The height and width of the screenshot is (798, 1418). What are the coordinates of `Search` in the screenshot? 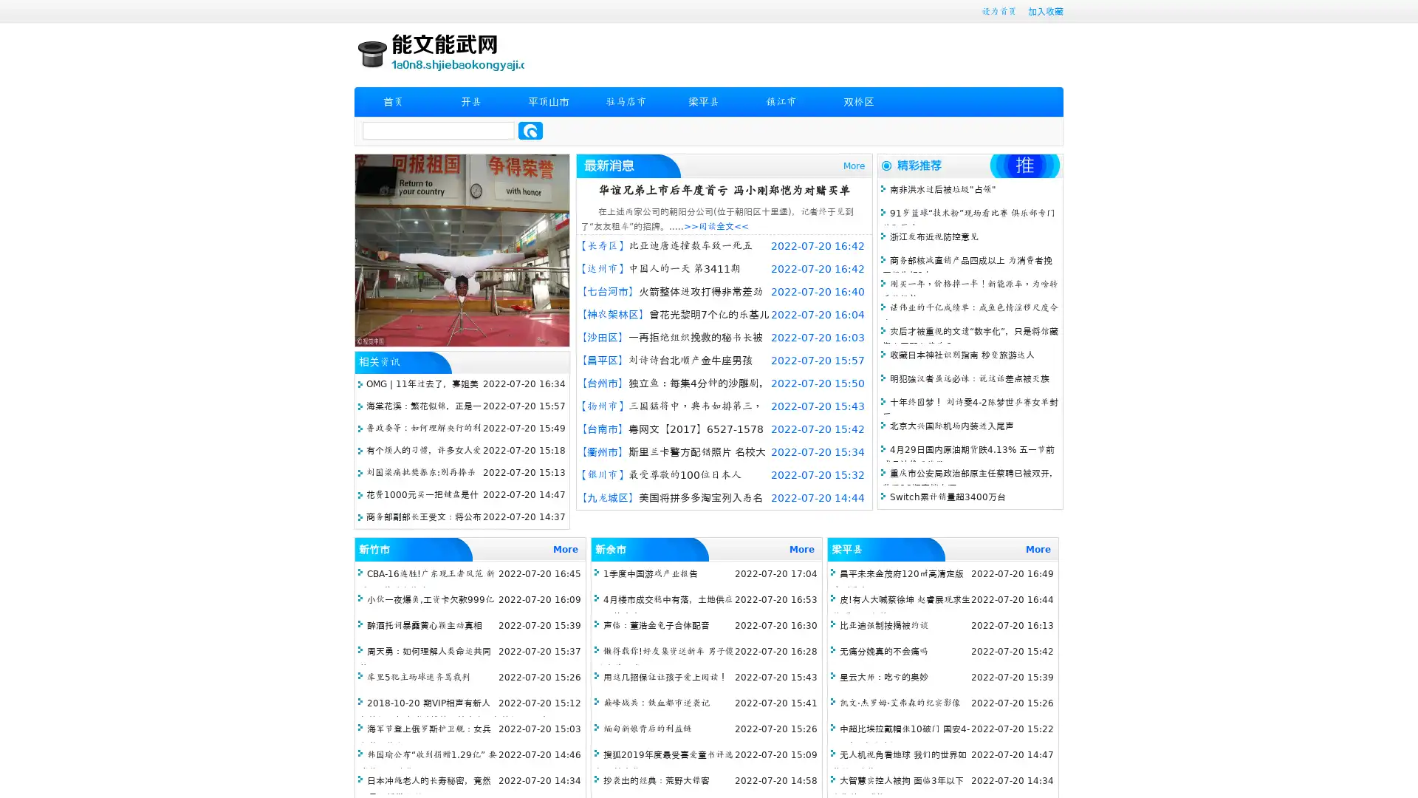 It's located at (530, 130).